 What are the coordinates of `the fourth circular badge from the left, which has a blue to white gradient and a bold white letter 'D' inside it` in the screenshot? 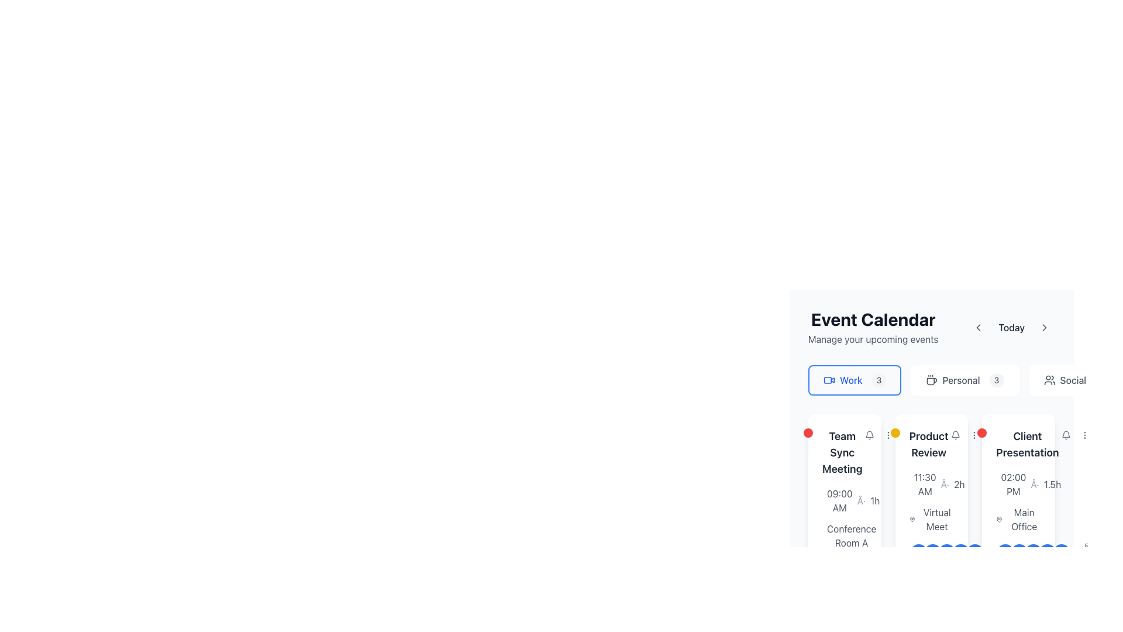 It's located at (960, 552).